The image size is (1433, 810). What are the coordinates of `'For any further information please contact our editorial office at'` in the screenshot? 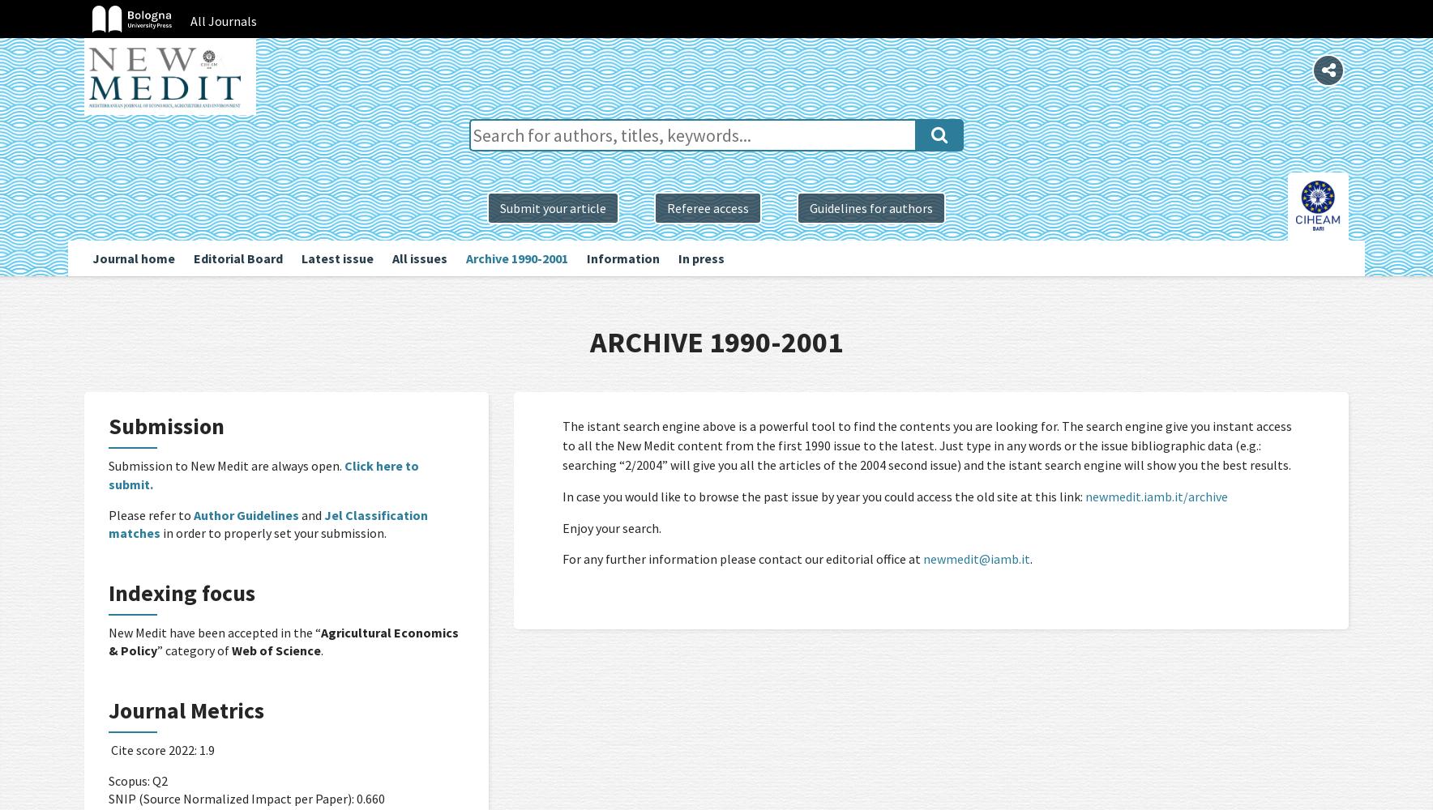 It's located at (742, 557).